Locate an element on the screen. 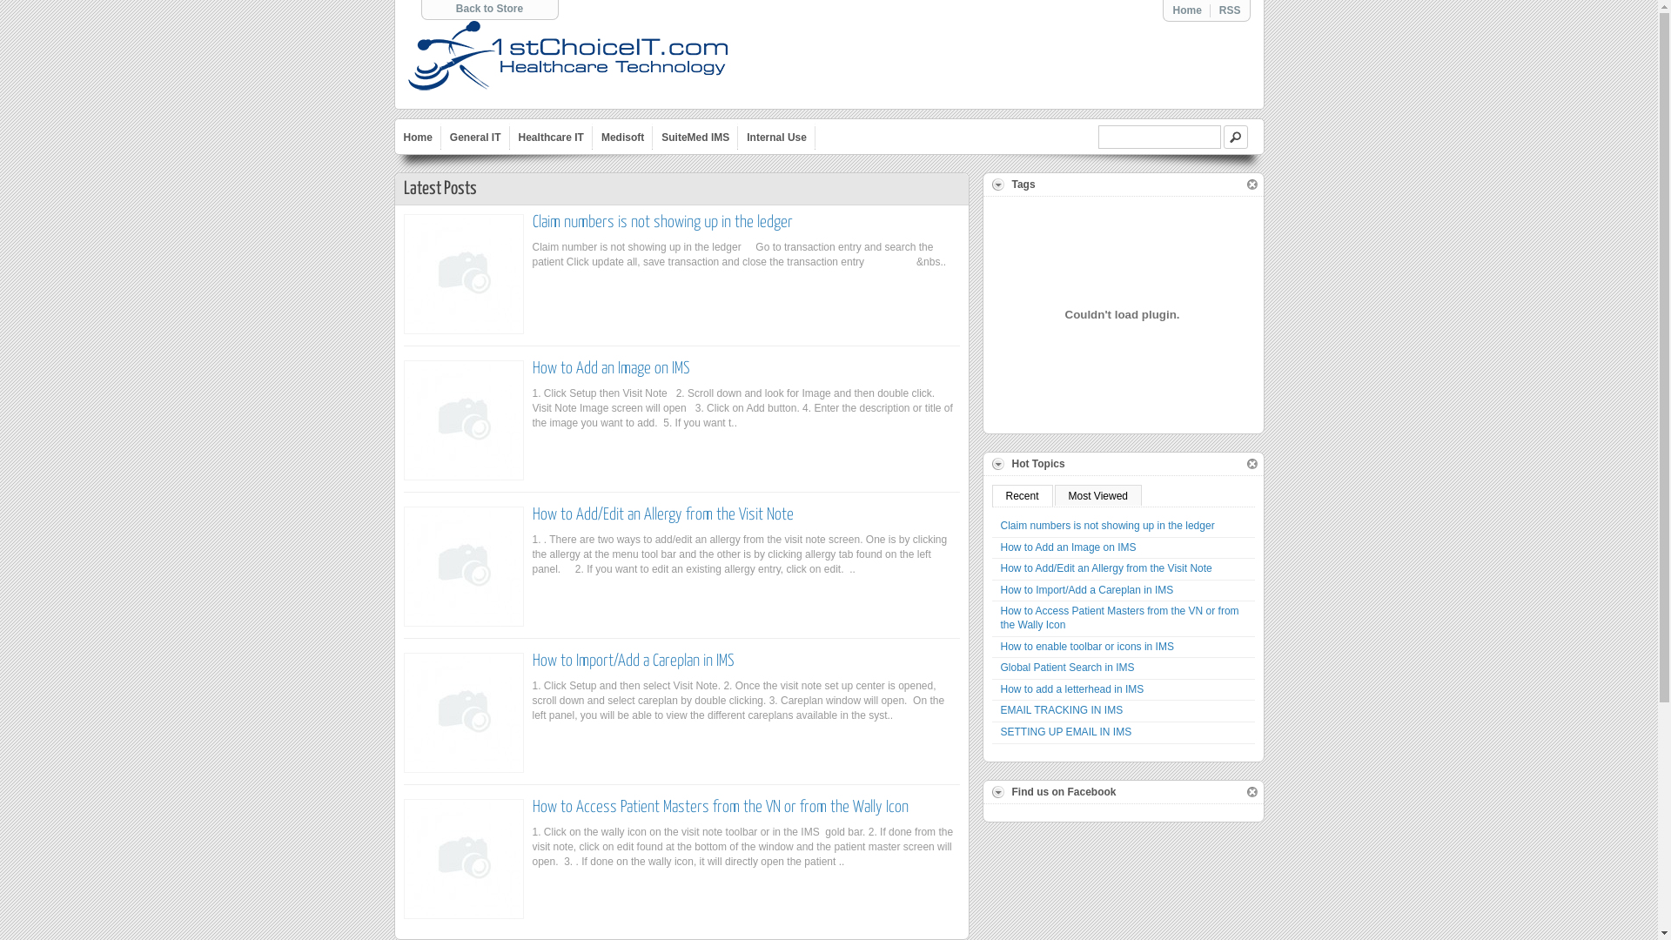 The image size is (1671, 940). 'How to Add an Image on IMS' is located at coordinates (1124, 548).